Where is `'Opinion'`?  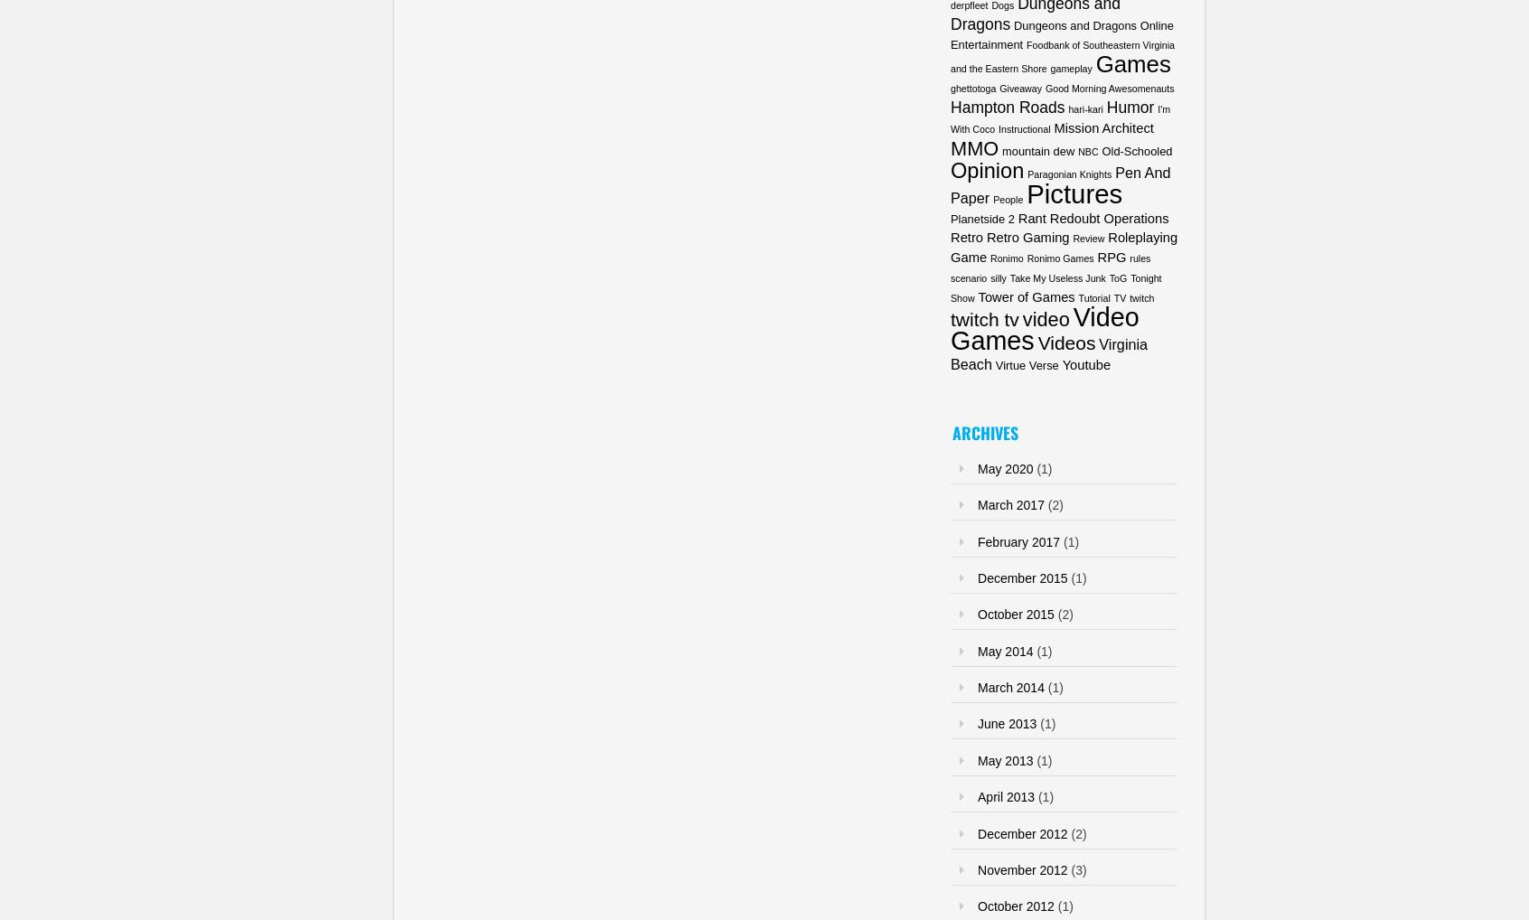 'Opinion' is located at coordinates (987, 170).